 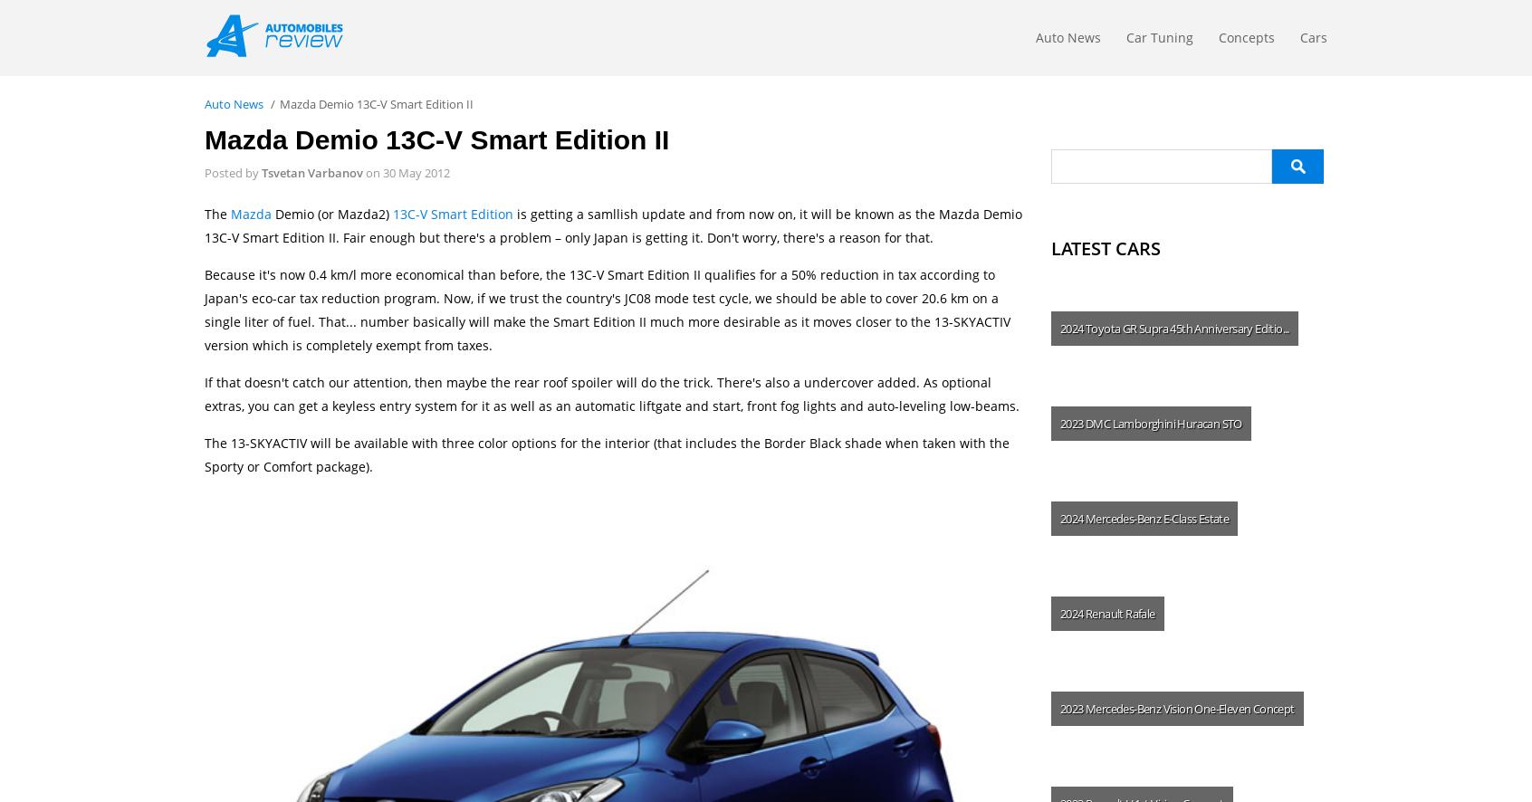 What do you see at coordinates (607, 454) in the screenshot?
I see `'The 13-SKYACTIV will be available with three color options for the interior (that includes the Border Black shade when taken with the Sporty or Comfort package).'` at bounding box center [607, 454].